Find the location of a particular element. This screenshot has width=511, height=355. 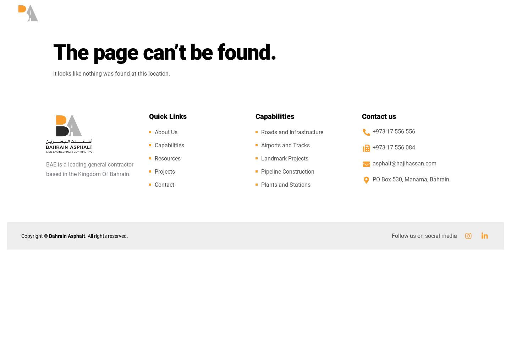

'Copyright ©' is located at coordinates (35, 236).